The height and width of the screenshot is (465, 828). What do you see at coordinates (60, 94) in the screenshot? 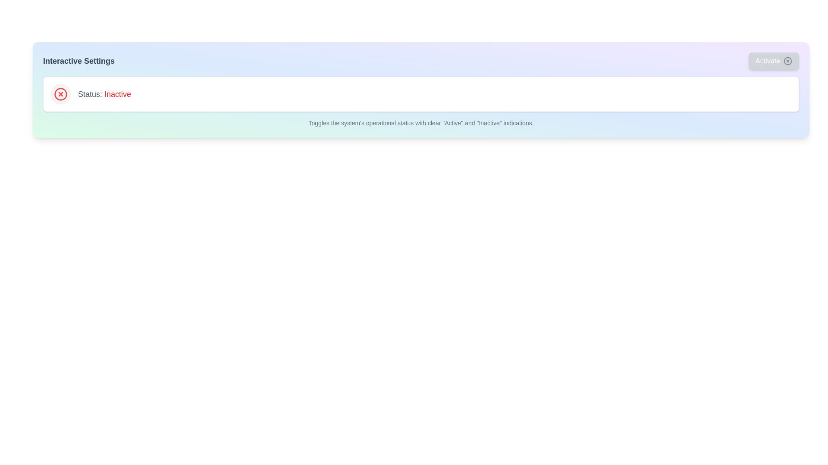
I see `the Error or Status Indicator icon located in the left section of the status indicator row, adjacent to the textual description 'Status: Inactive' within the 'Interactive Settings' block` at bounding box center [60, 94].